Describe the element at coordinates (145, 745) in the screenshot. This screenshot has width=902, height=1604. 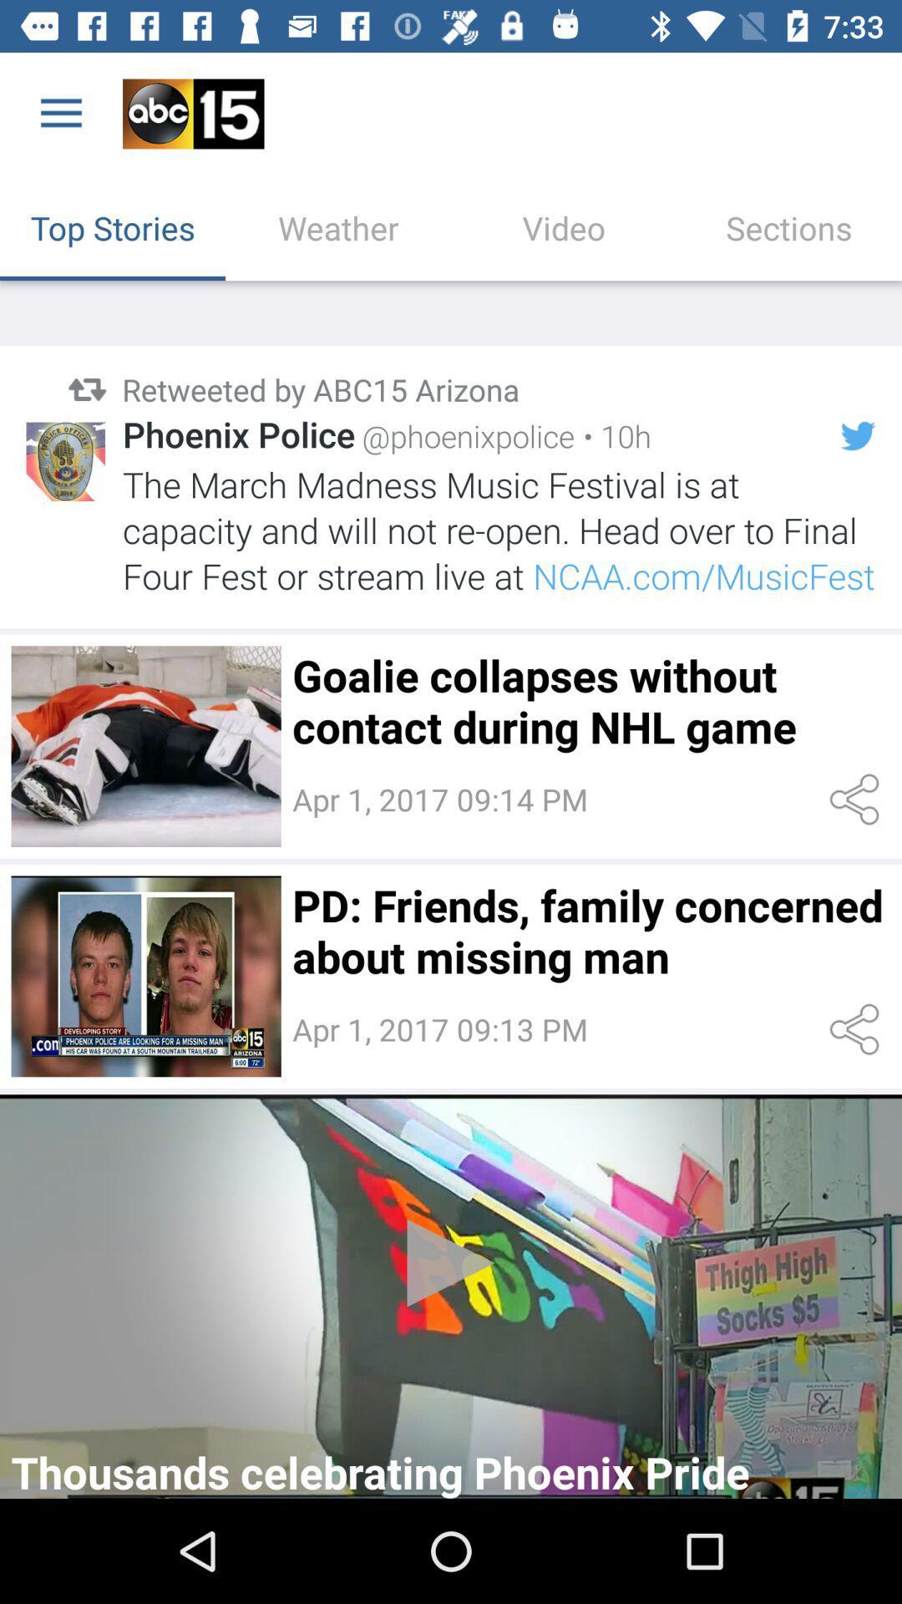
I see `image button` at that location.